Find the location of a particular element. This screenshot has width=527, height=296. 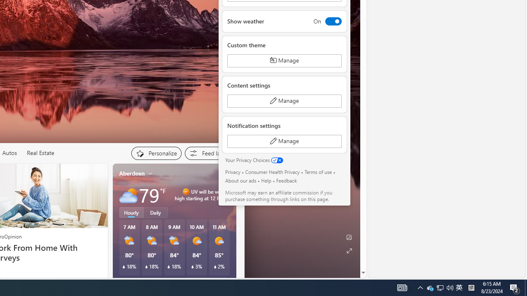

'My location' is located at coordinates (150, 173).